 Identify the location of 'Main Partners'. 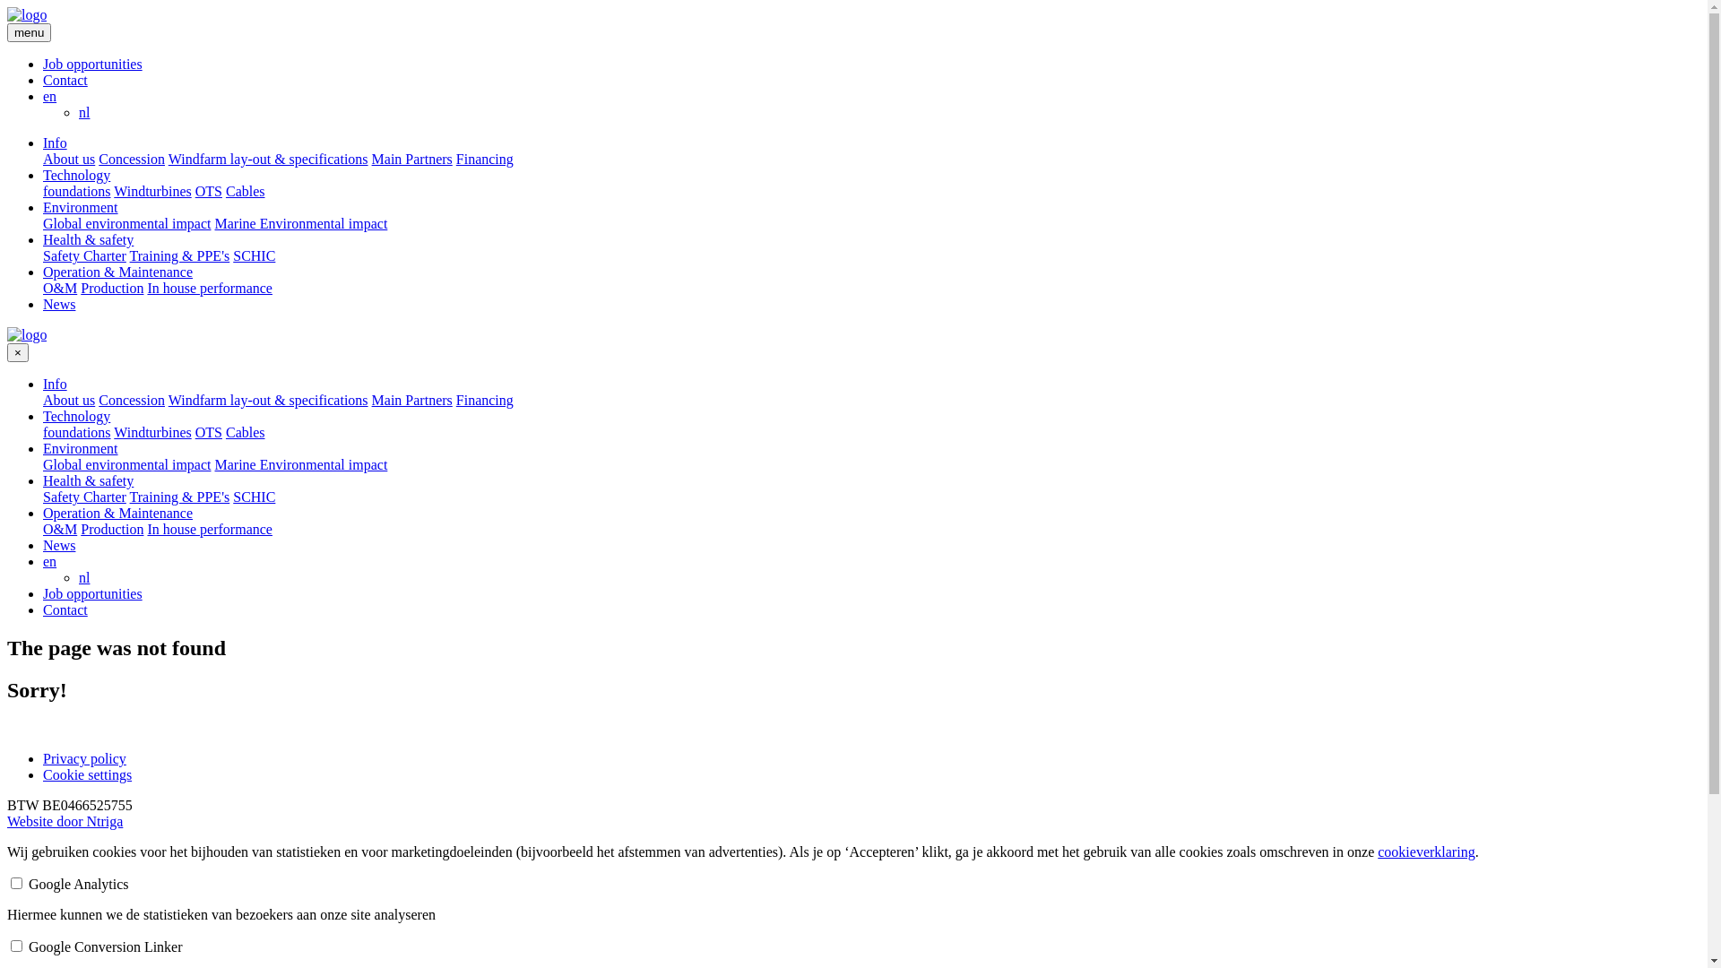
(411, 399).